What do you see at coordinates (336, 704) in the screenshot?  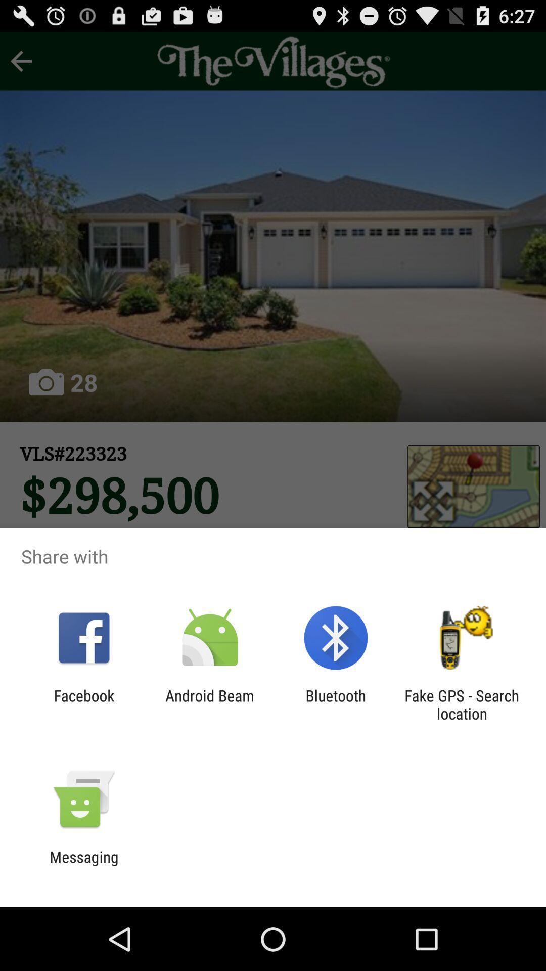 I see `icon next to the fake gps search app` at bounding box center [336, 704].